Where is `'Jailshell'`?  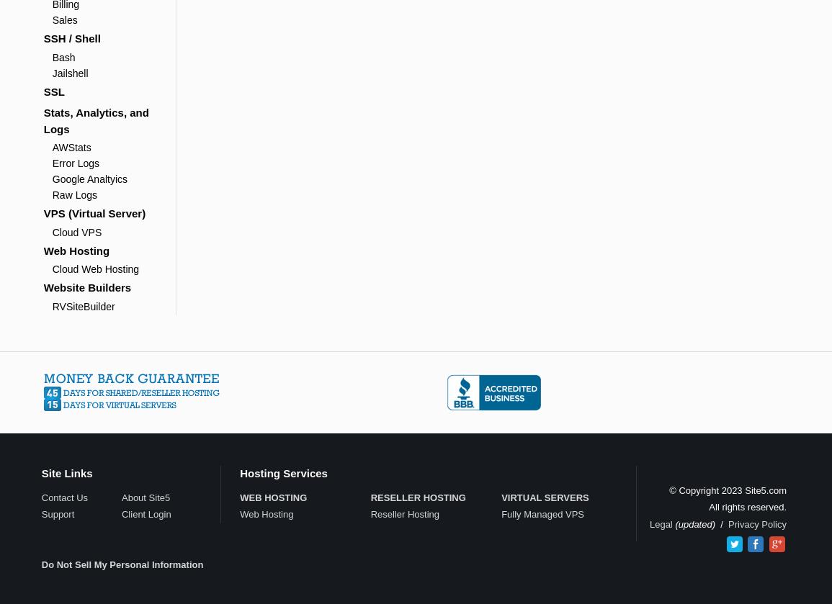
'Jailshell' is located at coordinates (70, 73).